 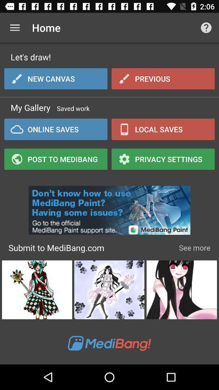 What do you see at coordinates (163, 78) in the screenshot?
I see `previous item` at bounding box center [163, 78].